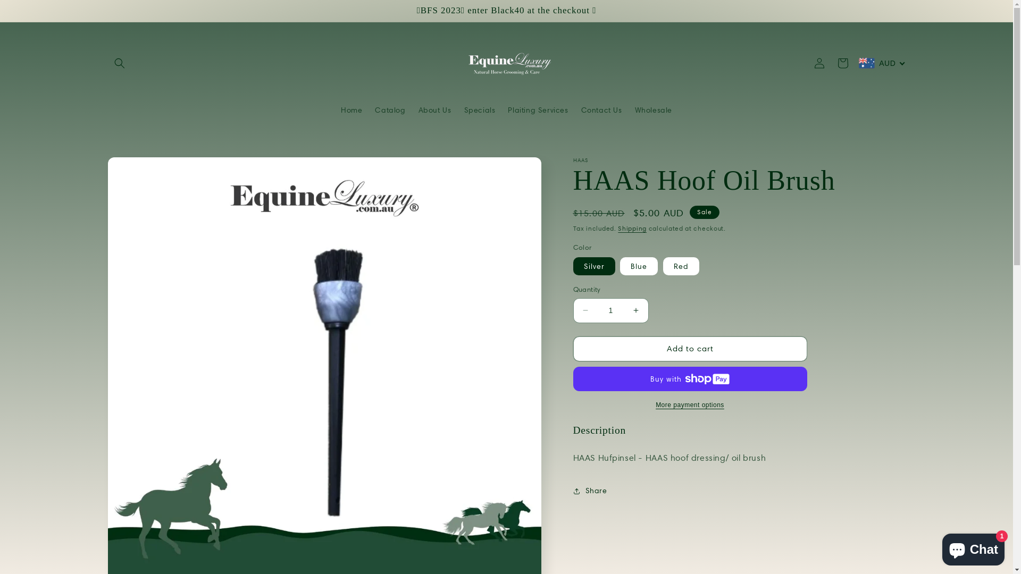 Image resolution: width=1021 pixels, height=574 pixels. What do you see at coordinates (636, 310) in the screenshot?
I see `'Increase quantity for HAAS Hoof Oil Brush'` at bounding box center [636, 310].